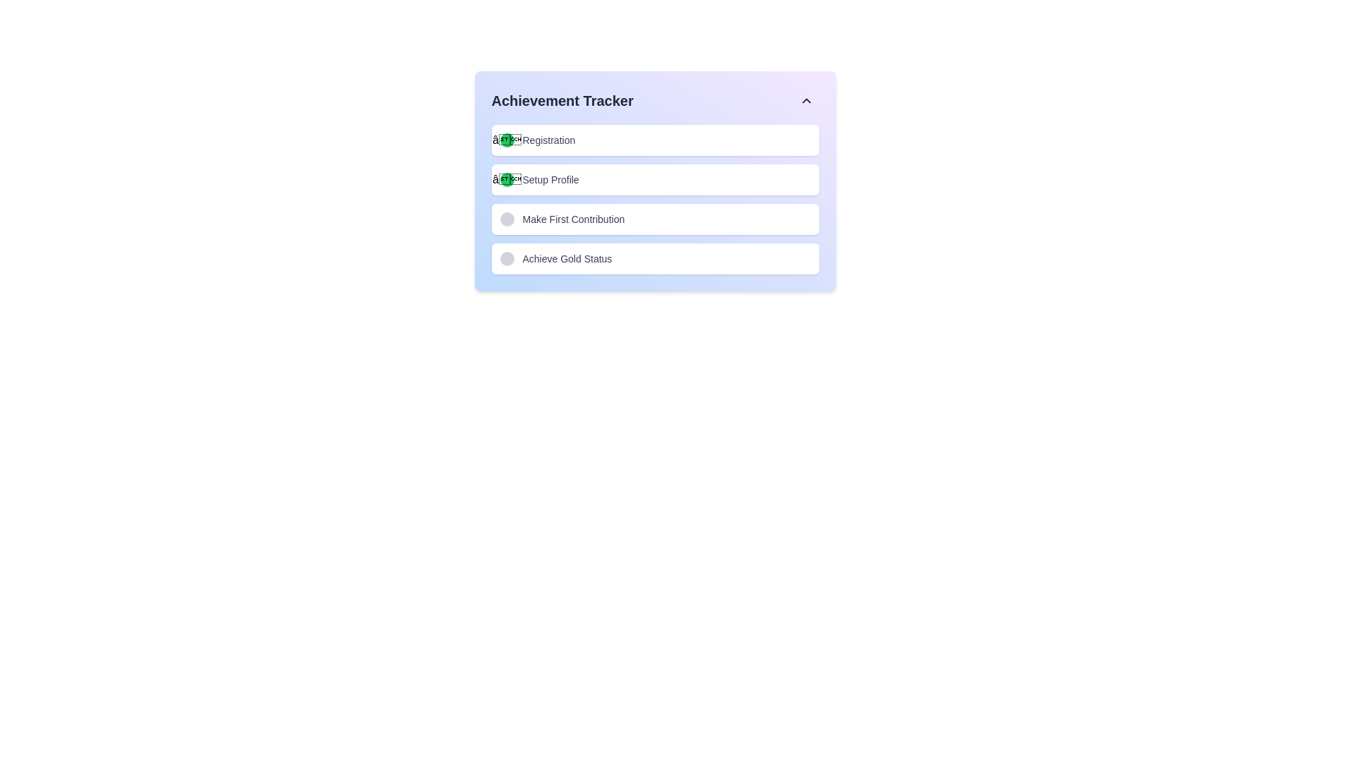 Image resolution: width=1355 pixels, height=762 pixels. I want to click on the icon embedded within the button at the top-right corner of the 'Achievement Tracker' card, so click(806, 99).